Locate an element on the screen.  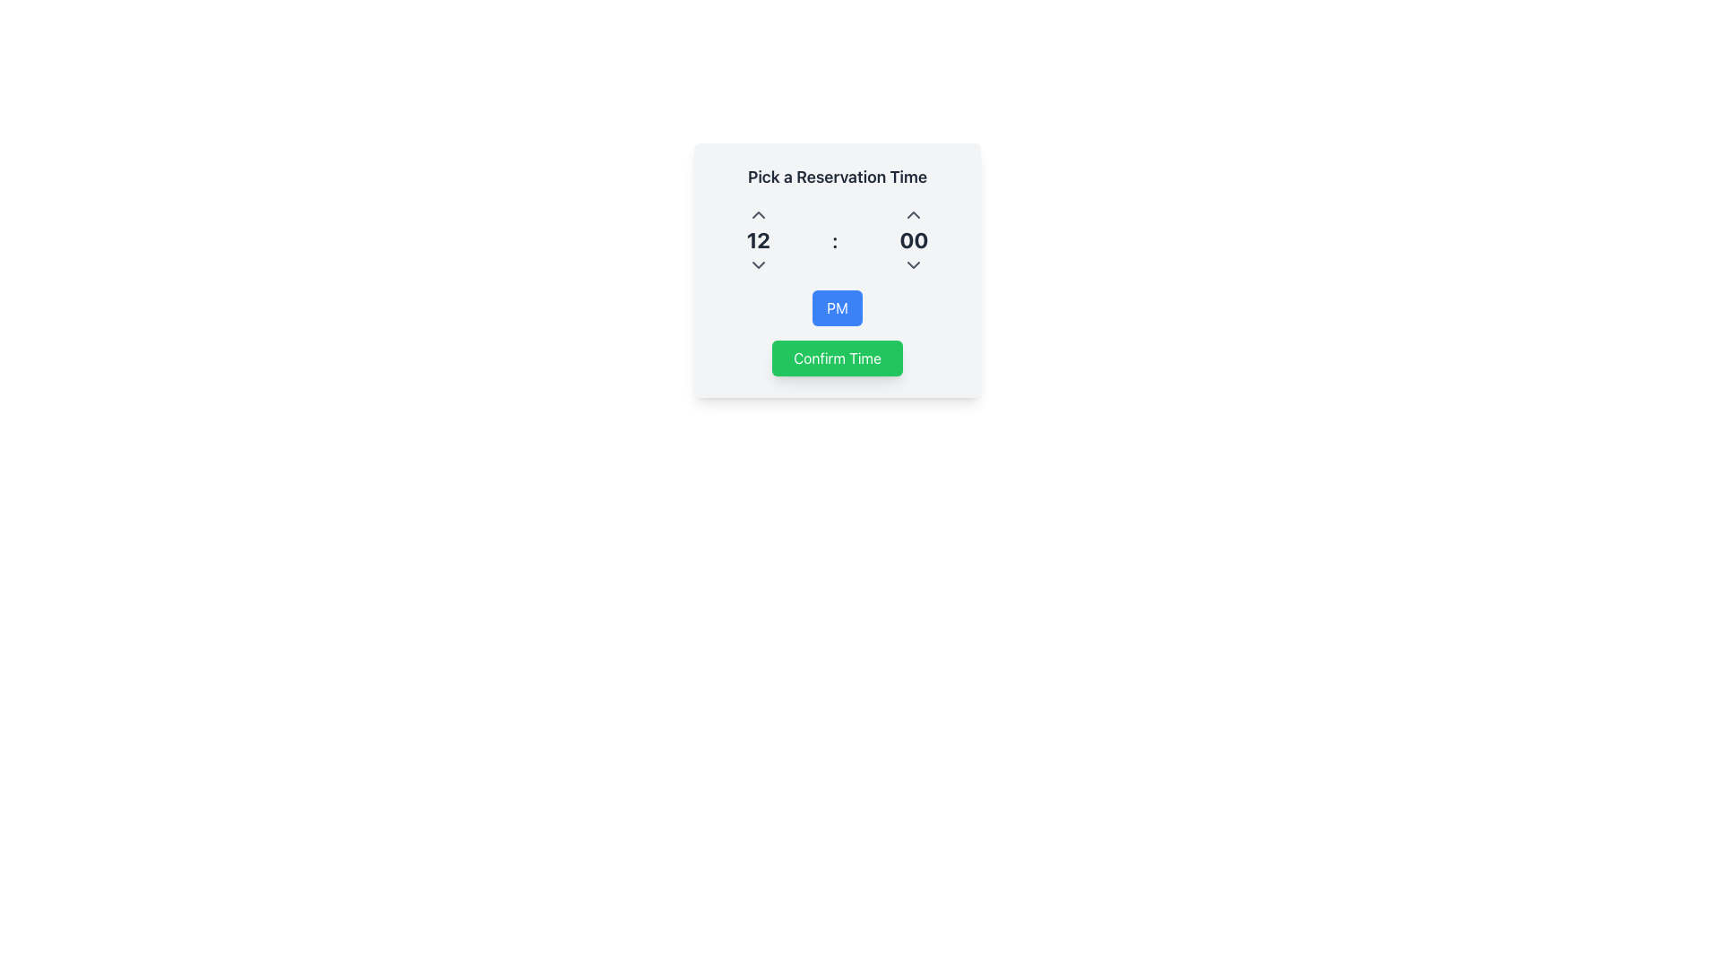
the Time Selector element to increment or decrement the minutes in the time picker interface, which is positioned to the right of a colon and aligned with the 'PM' button below it is located at coordinates (914, 238).